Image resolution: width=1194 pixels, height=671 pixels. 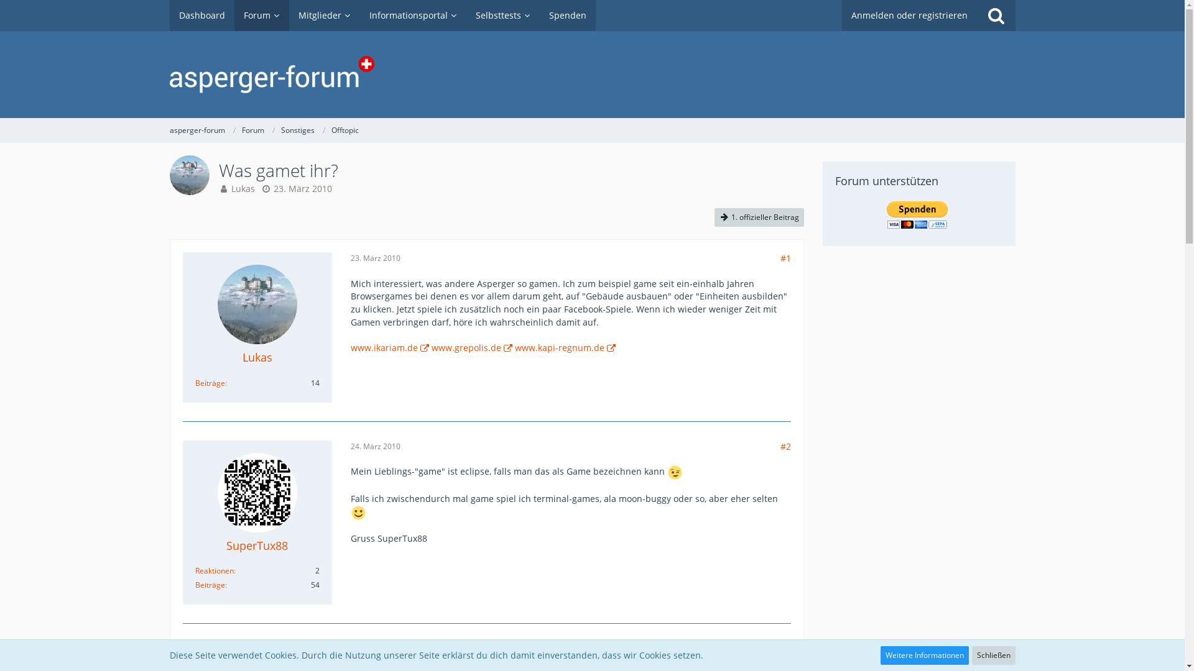 What do you see at coordinates (196, 130) in the screenshot?
I see `'asperger-forum'` at bounding box center [196, 130].